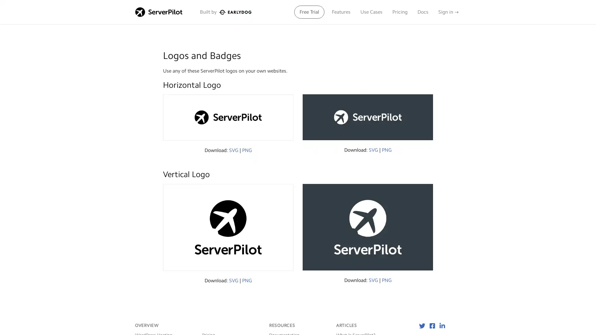  What do you see at coordinates (400, 12) in the screenshot?
I see `Pricing` at bounding box center [400, 12].